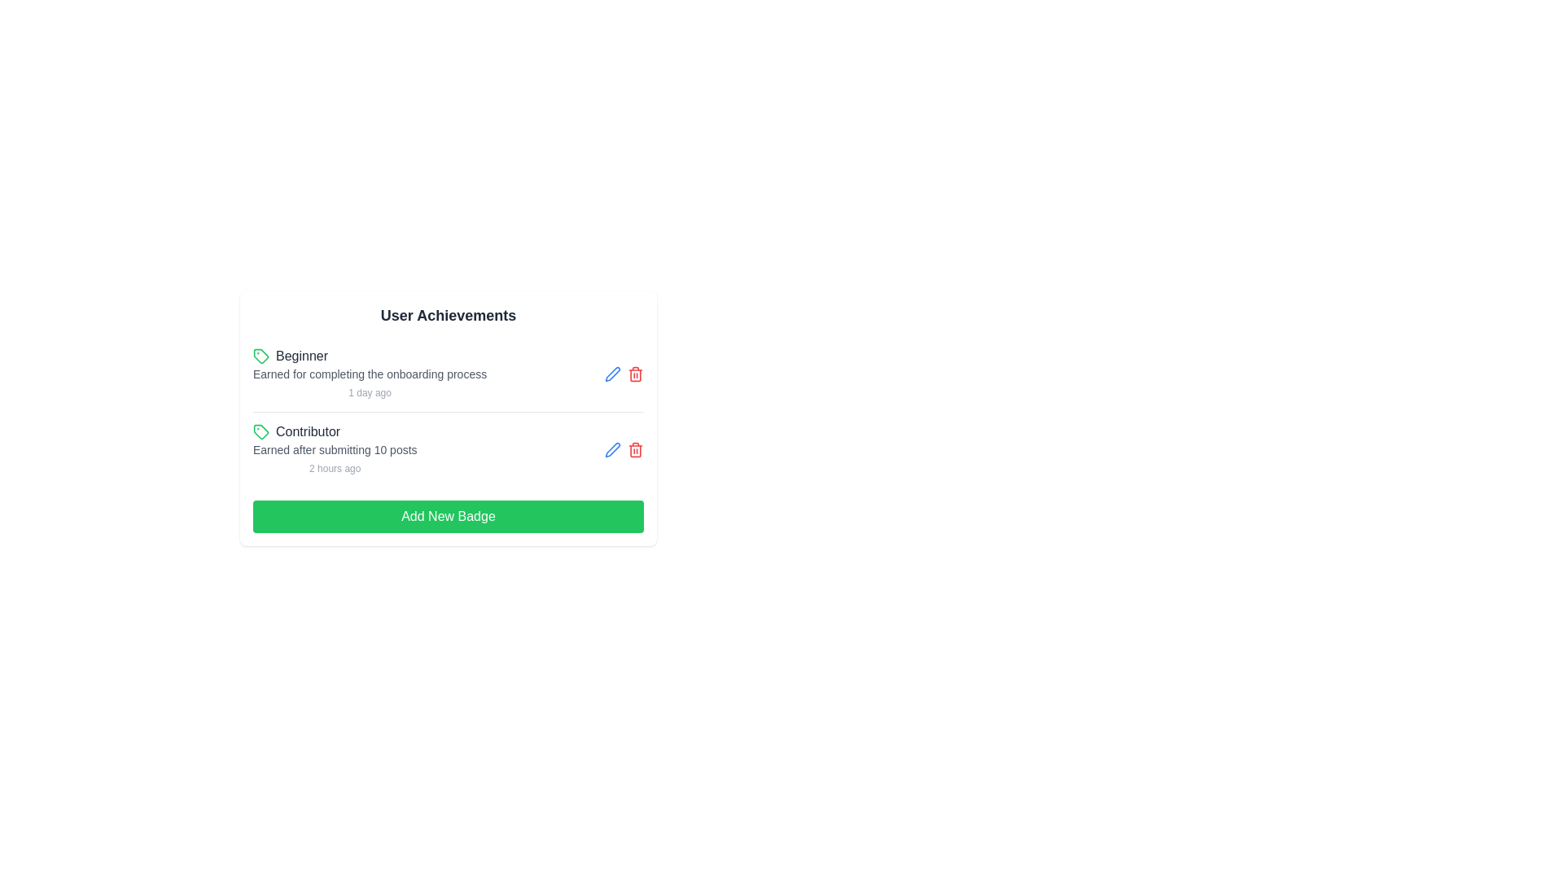 This screenshot has width=1563, height=879. Describe the element at coordinates (334, 431) in the screenshot. I see `the 'Contributor' label with a tag icon, which is the second badge in the list` at that location.